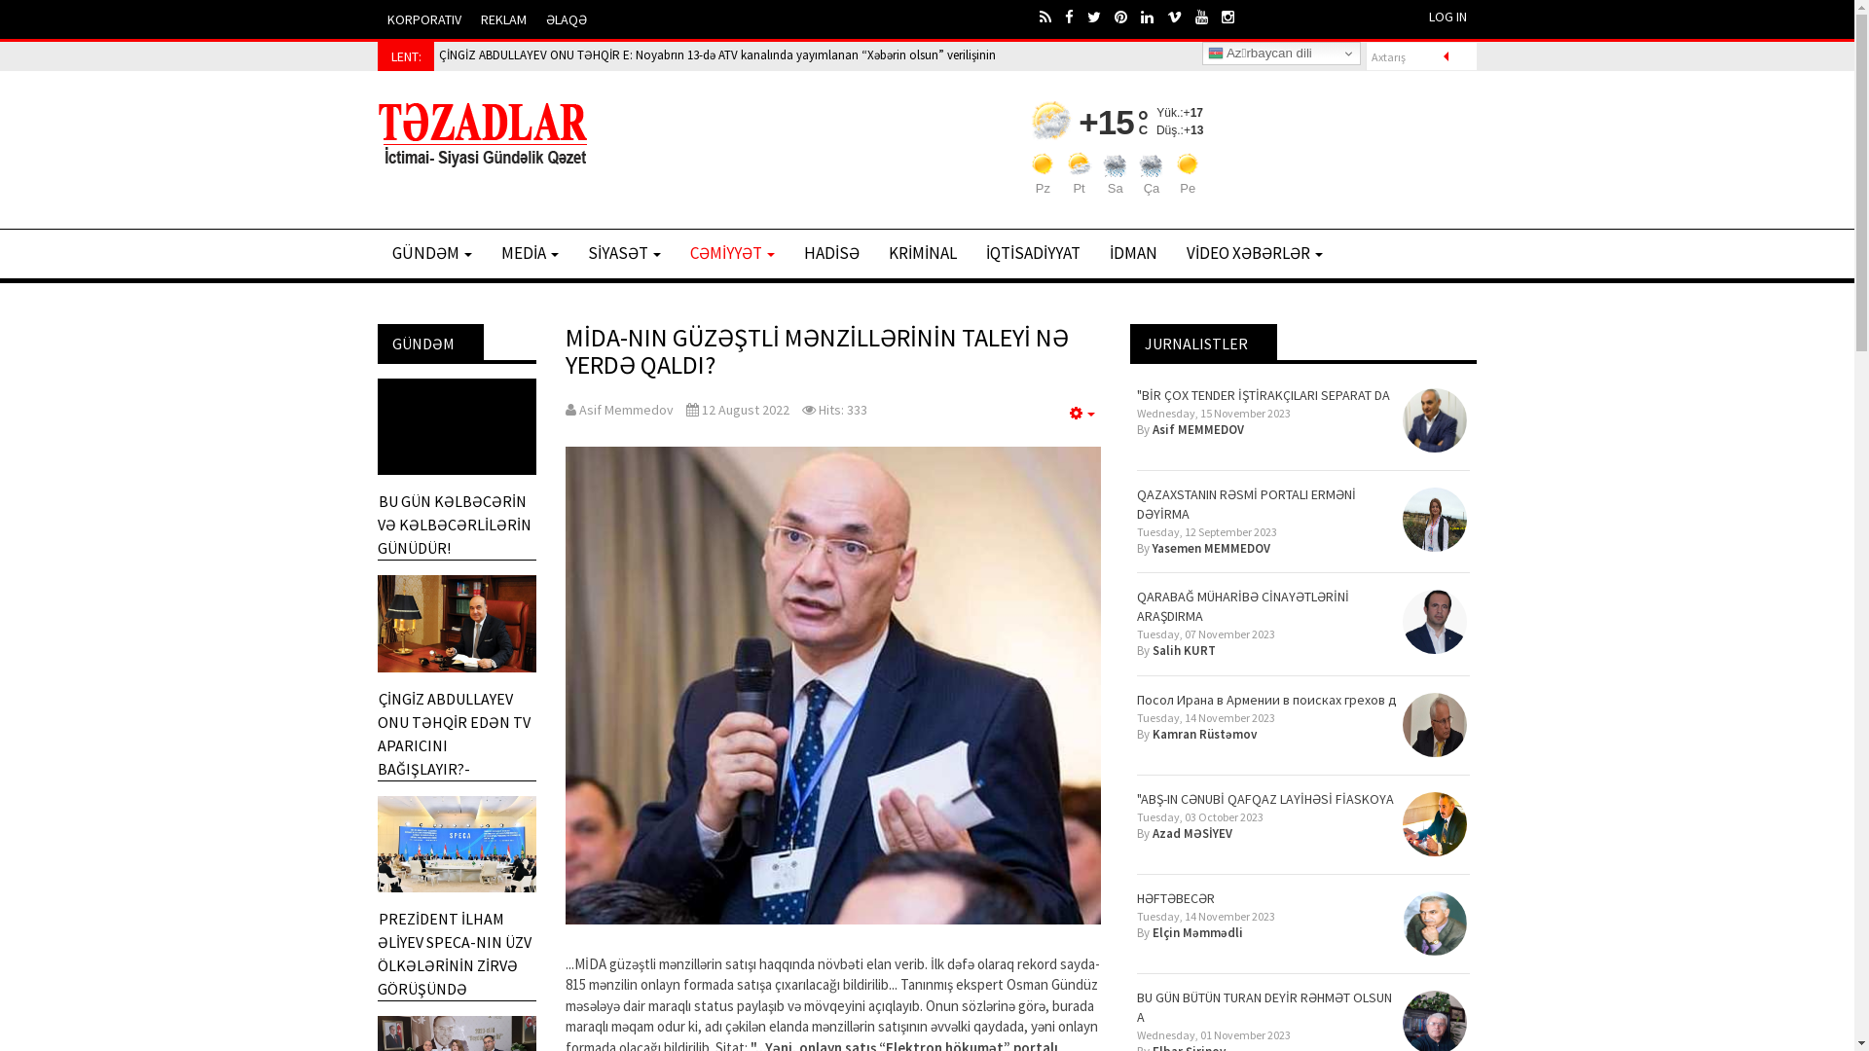  What do you see at coordinates (1196, 428) in the screenshot?
I see `'Asif MEMMEDOV'` at bounding box center [1196, 428].